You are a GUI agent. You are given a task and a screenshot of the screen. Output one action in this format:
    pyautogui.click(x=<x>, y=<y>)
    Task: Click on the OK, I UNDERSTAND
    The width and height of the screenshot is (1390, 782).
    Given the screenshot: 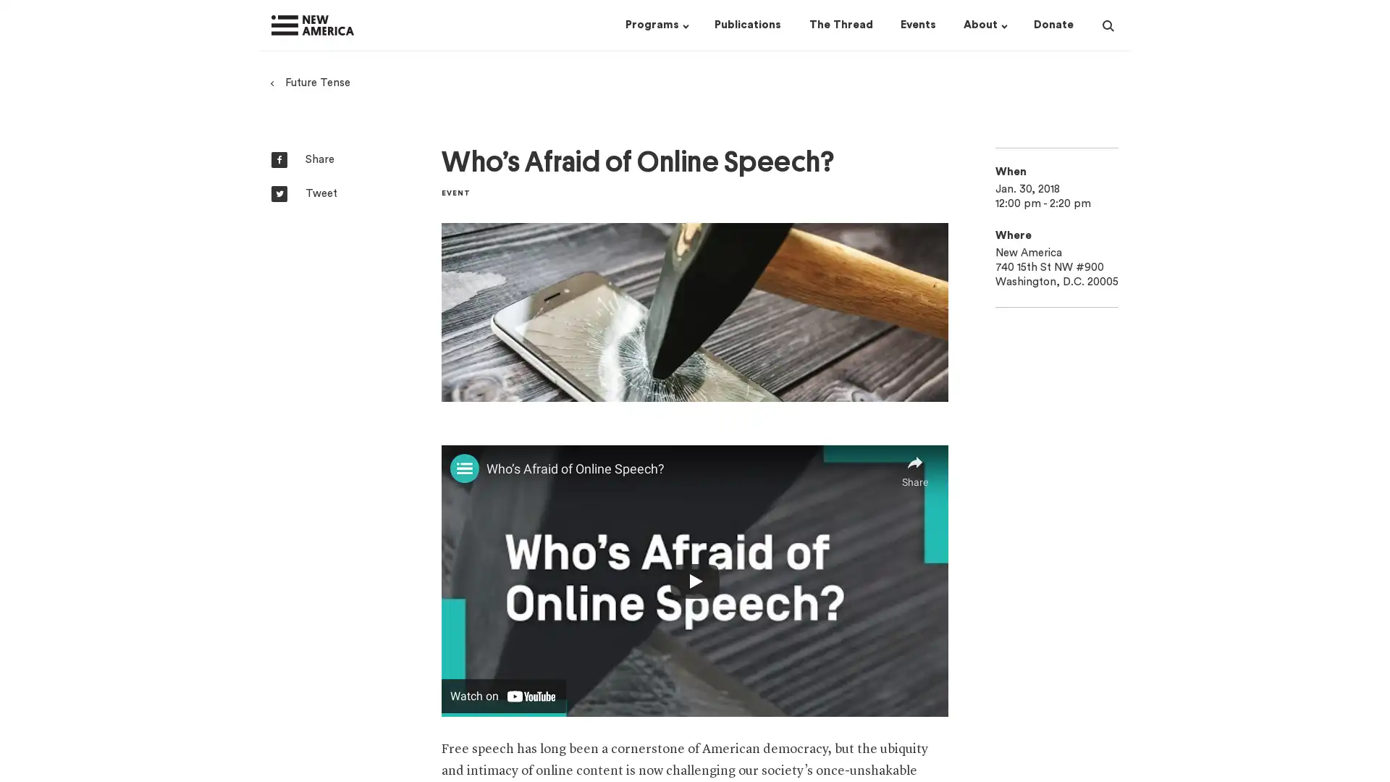 What is the action you would take?
    pyautogui.click(x=991, y=754)
    